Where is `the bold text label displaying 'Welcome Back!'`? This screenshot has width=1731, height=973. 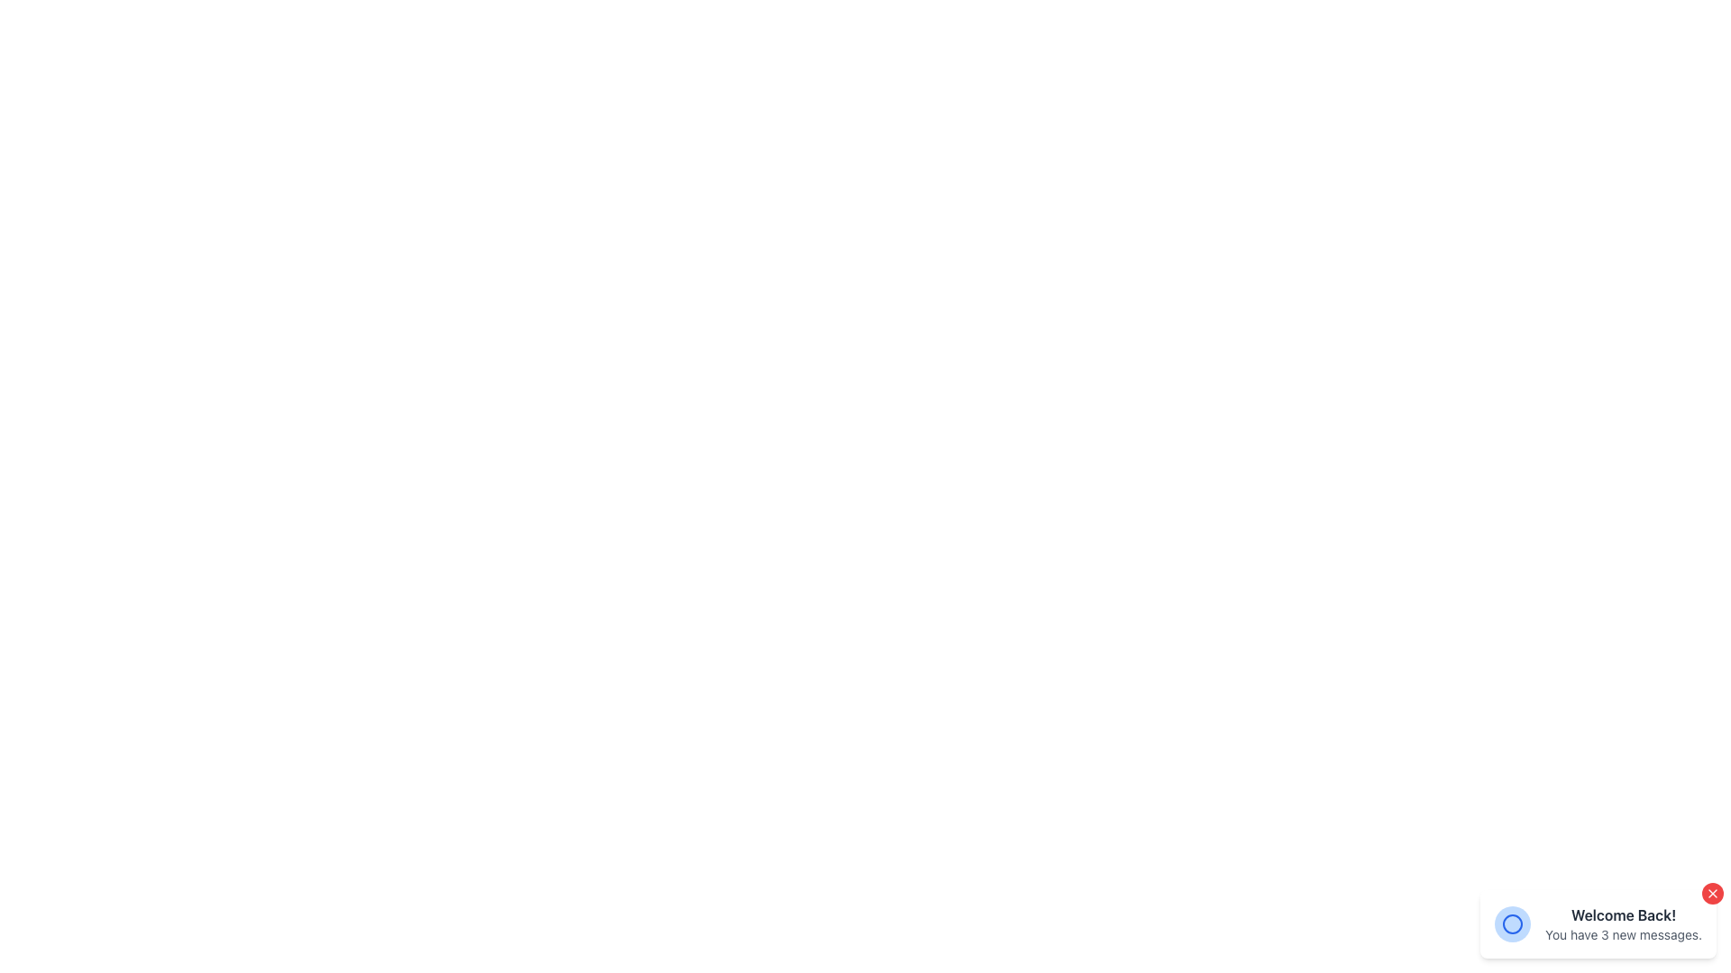
the bold text label displaying 'Welcome Back!' is located at coordinates (1624, 914).